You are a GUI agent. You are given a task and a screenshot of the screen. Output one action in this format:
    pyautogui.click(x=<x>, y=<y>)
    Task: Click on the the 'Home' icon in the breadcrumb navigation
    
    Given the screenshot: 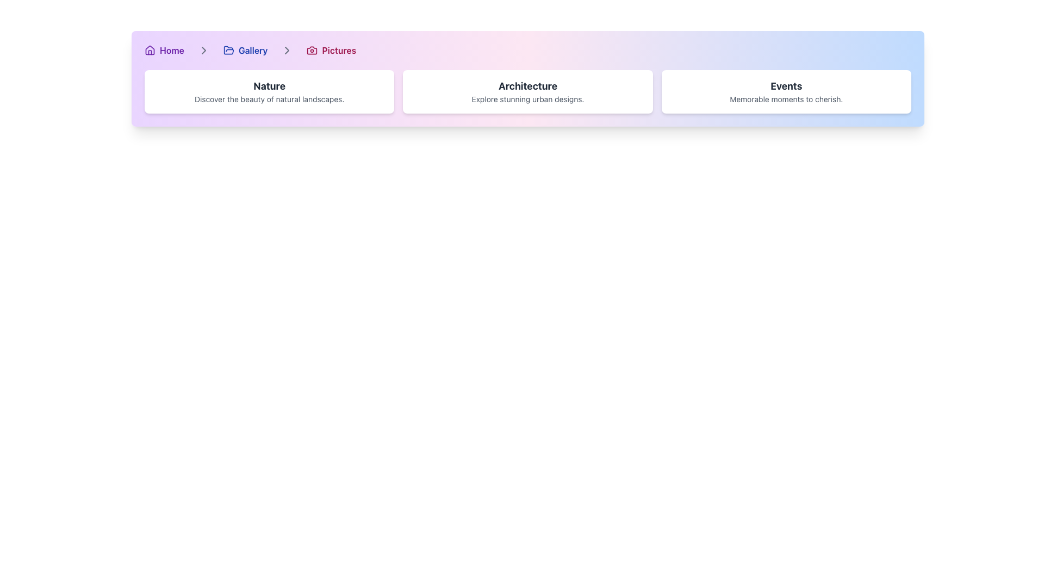 What is the action you would take?
    pyautogui.click(x=149, y=50)
    